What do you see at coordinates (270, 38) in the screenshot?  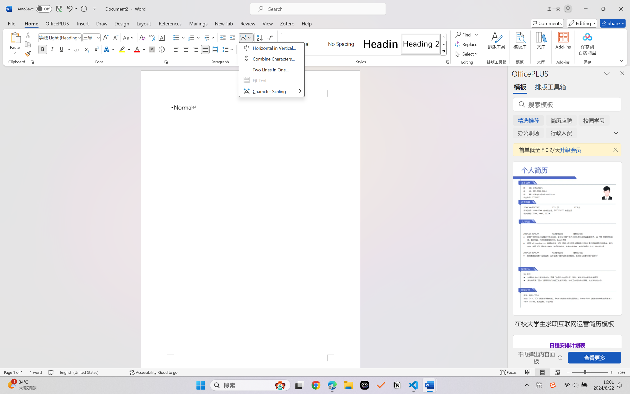 I see `'Show/Hide Editing Marks'` at bounding box center [270, 38].